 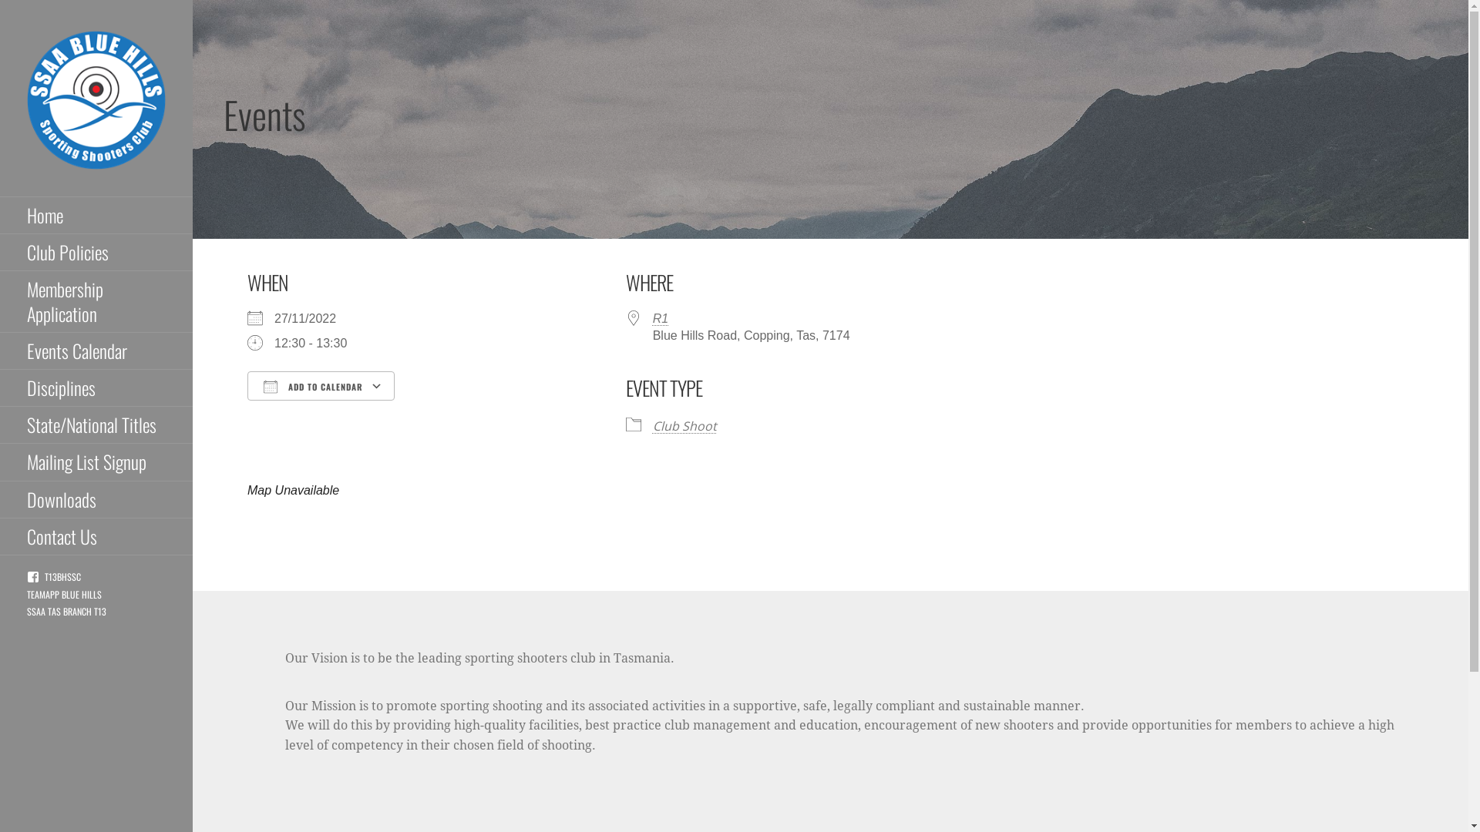 What do you see at coordinates (66, 610) in the screenshot?
I see `'SSAA TAS BRANCH T13'` at bounding box center [66, 610].